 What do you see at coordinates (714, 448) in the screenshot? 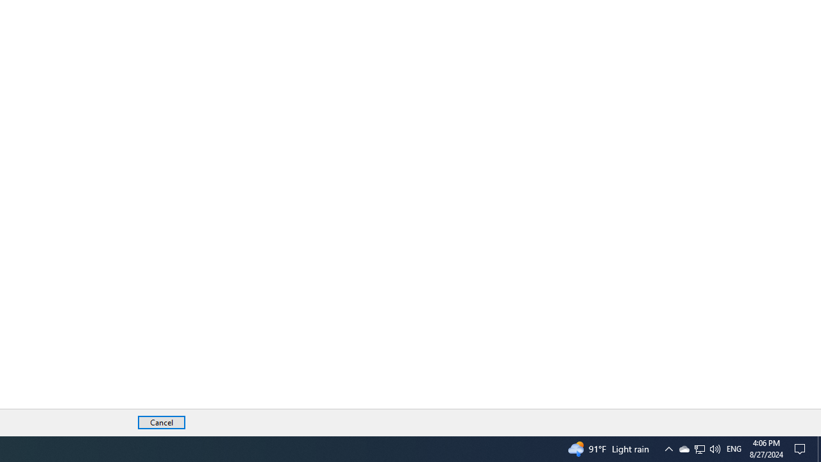
I see `'Q2790: 100%'` at bounding box center [714, 448].